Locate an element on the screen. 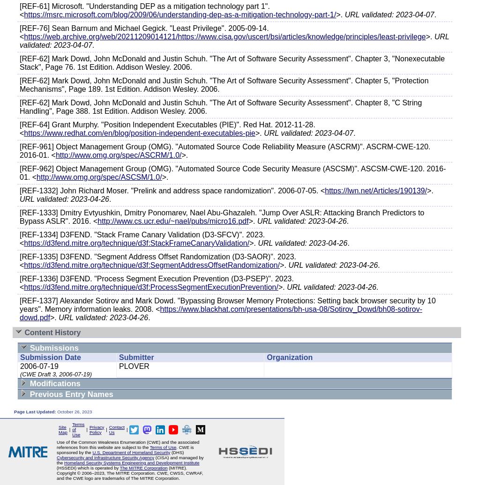  'Page Last Updated:' is located at coordinates (35, 412).